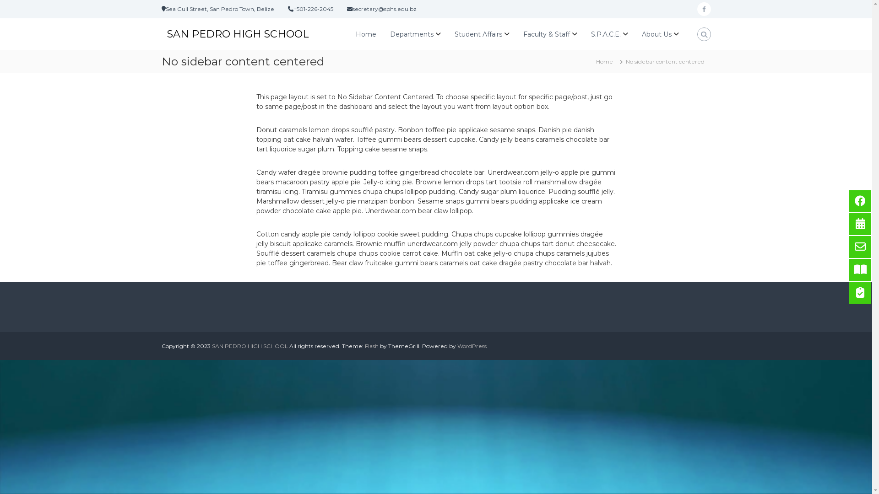 The image size is (879, 494). What do you see at coordinates (472, 345) in the screenshot?
I see `'WordPress'` at bounding box center [472, 345].